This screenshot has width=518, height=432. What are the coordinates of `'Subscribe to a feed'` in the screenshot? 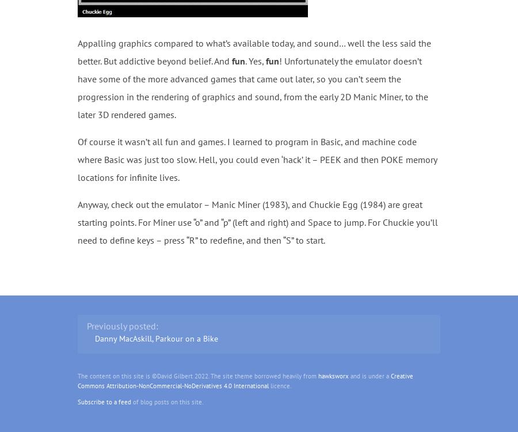 It's located at (104, 400).